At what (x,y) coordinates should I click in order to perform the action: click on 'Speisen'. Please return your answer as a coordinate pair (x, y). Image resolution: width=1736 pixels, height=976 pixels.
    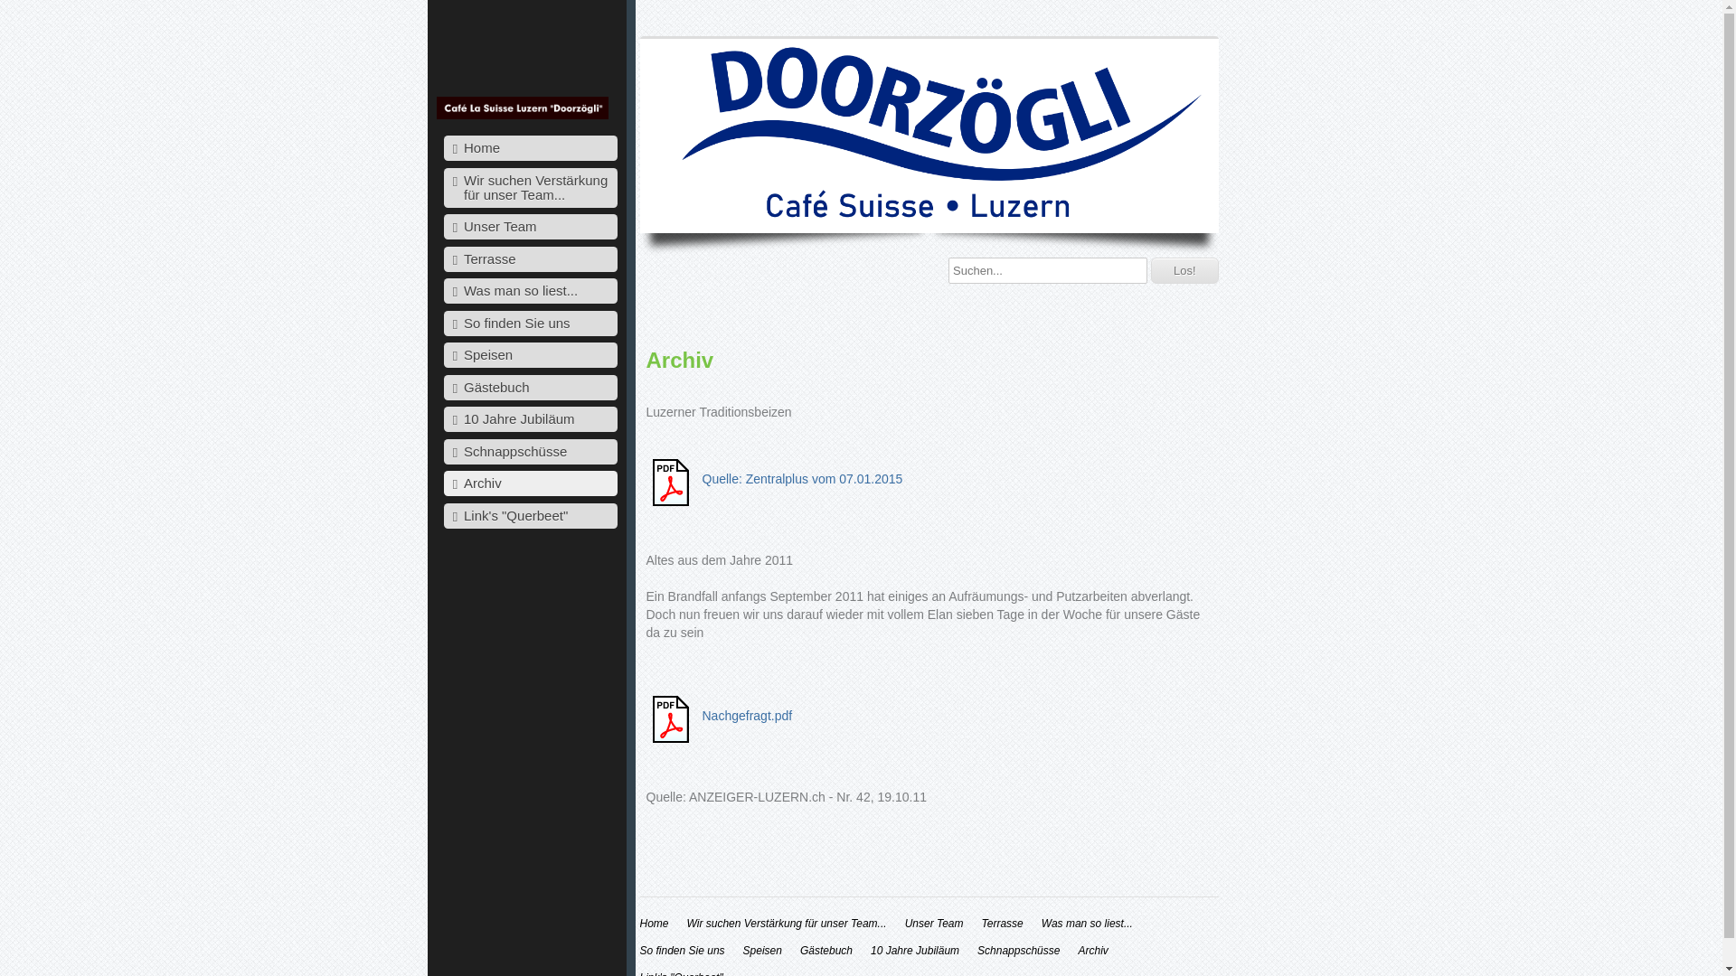
    Looking at the image, I should click on (742, 950).